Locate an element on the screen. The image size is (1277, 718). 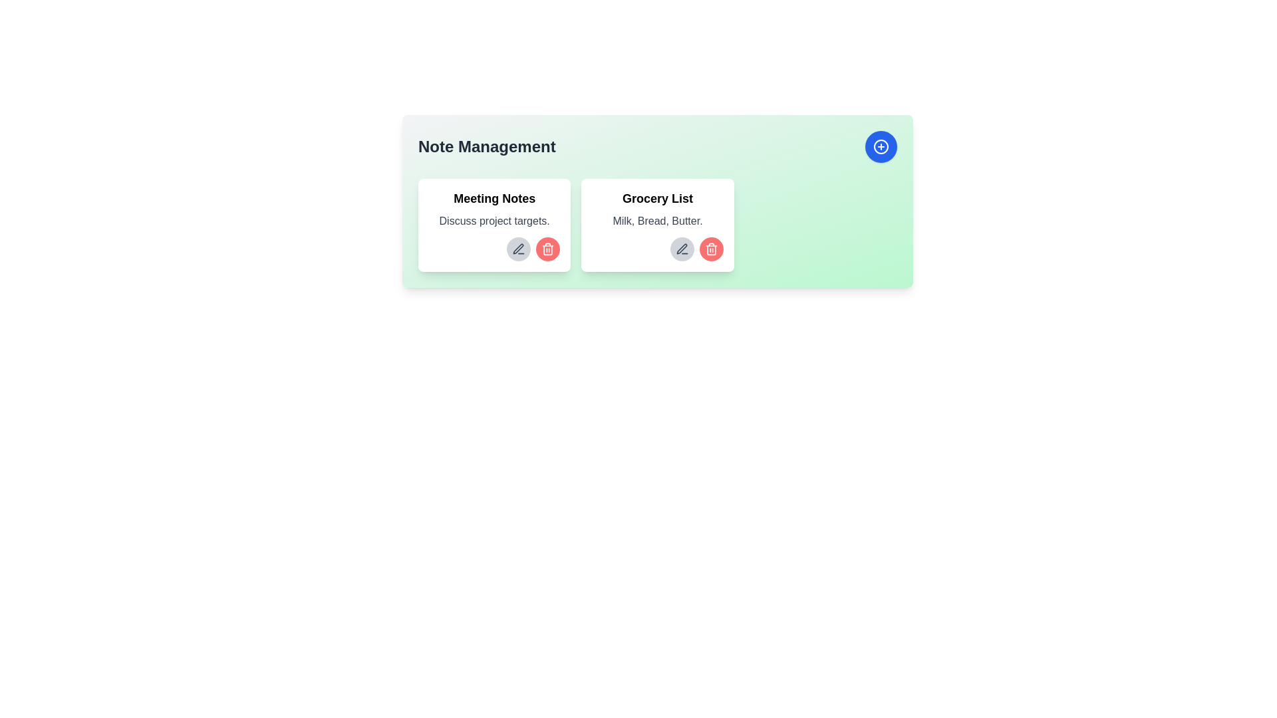
the delete icon located at the bottom-right corner of the 'Grocery List' card is located at coordinates (710, 249).